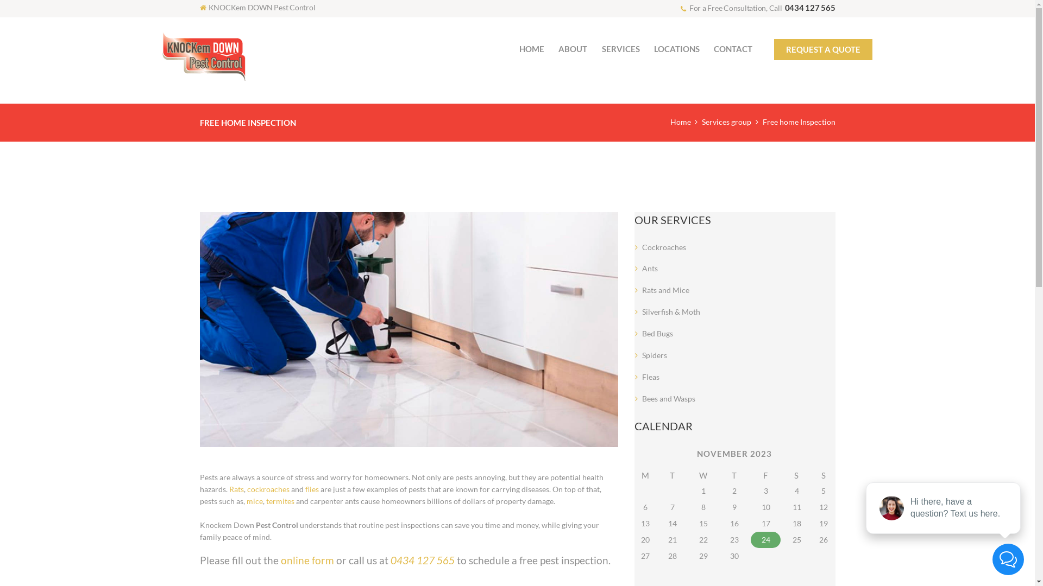  What do you see at coordinates (246, 501) in the screenshot?
I see `'mice'` at bounding box center [246, 501].